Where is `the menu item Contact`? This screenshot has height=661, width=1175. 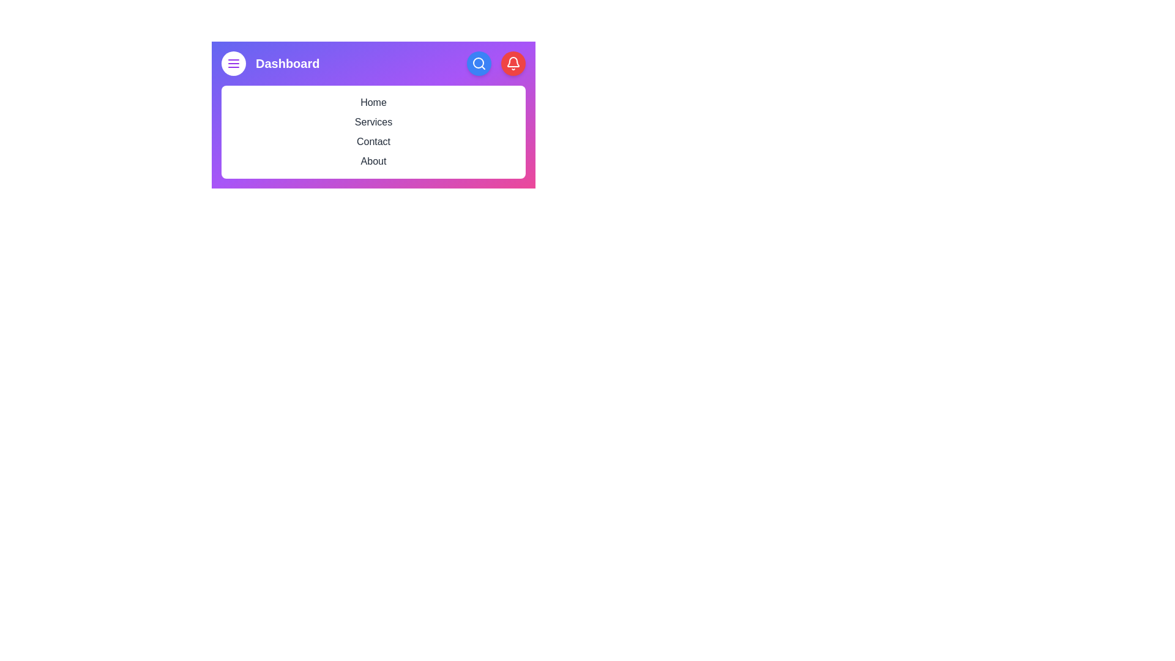
the menu item Contact is located at coordinates (373, 141).